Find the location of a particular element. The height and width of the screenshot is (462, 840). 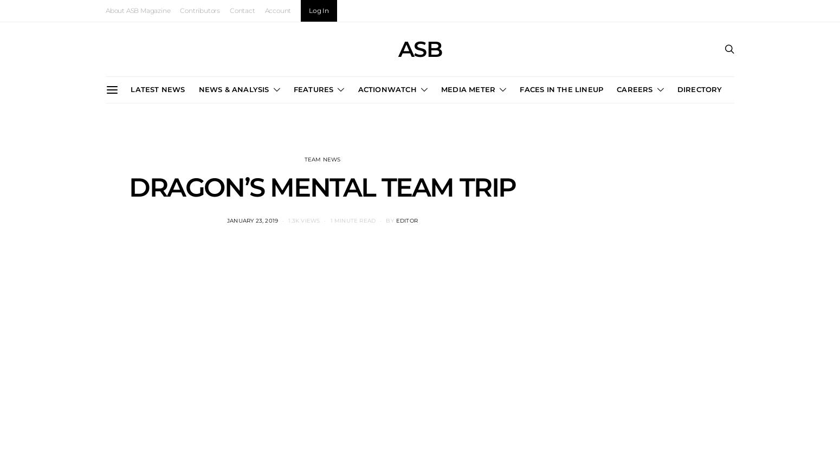

'FEATURES' is located at coordinates (313, 88).